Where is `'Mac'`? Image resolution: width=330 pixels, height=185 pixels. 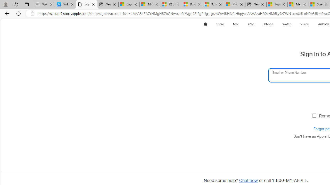 'Mac' is located at coordinates (236, 24).